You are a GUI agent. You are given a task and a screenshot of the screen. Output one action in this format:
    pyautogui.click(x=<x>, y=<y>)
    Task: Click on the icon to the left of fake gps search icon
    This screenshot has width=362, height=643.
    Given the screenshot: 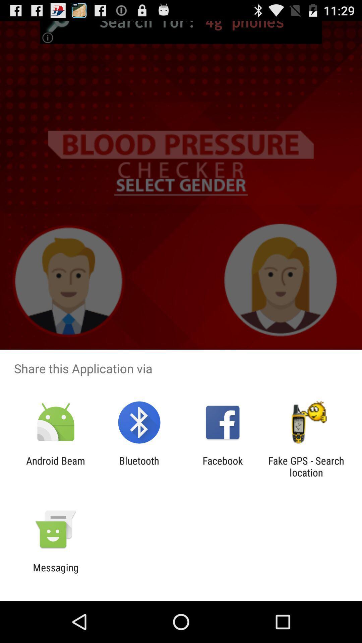 What is the action you would take?
    pyautogui.click(x=223, y=466)
    